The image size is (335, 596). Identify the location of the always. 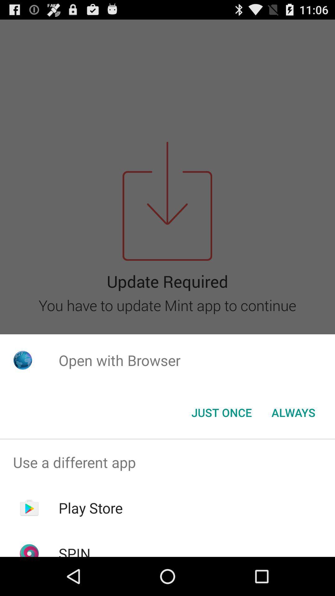
(293, 413).